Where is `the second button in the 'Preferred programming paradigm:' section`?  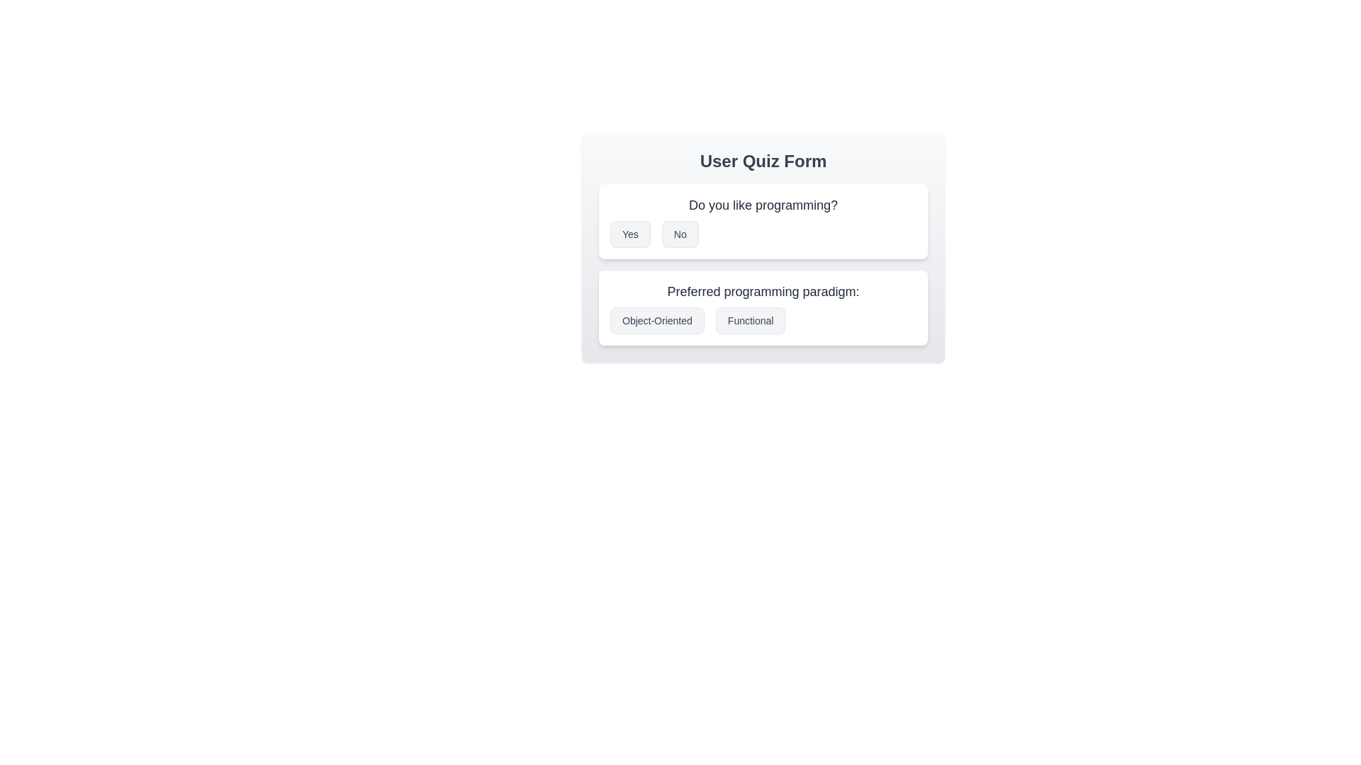 the second button in the 'Preferred programming paradigm:' section is located at coordinates (750, 320).